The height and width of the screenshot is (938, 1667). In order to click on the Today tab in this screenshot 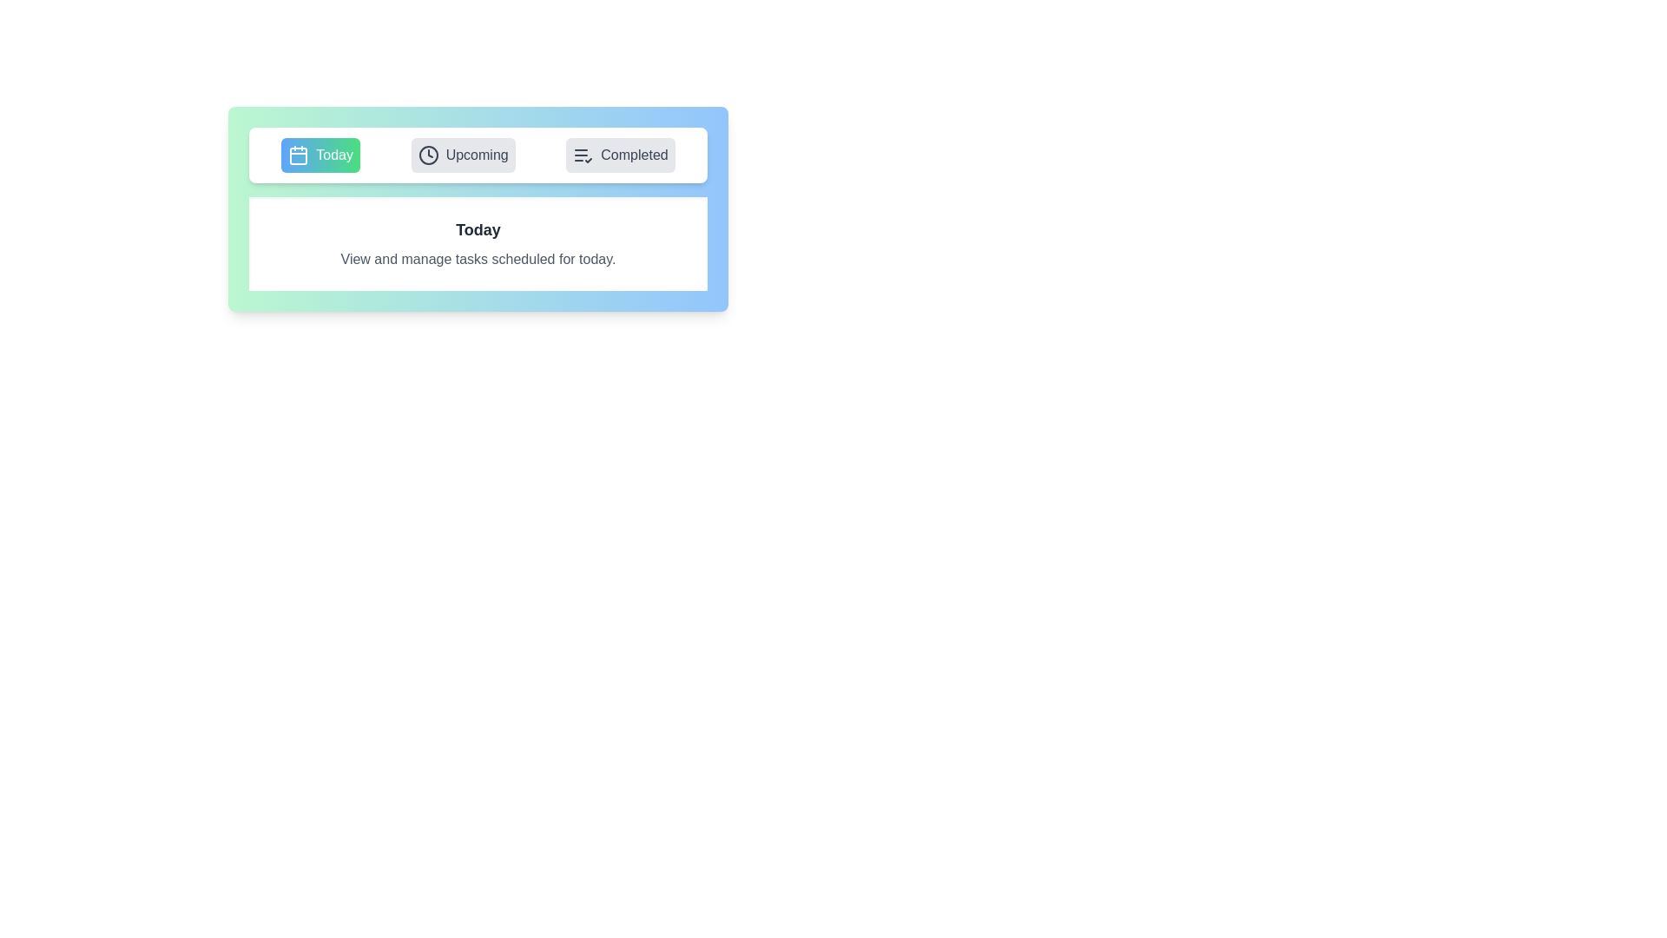, I will do `click(320, 154)`.